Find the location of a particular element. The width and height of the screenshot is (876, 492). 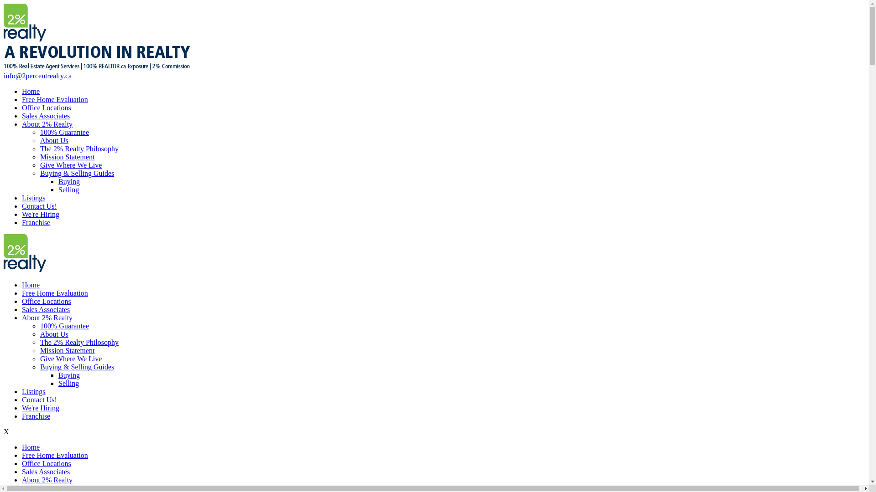

'Office Locations' is located at coordinates (46, 463).